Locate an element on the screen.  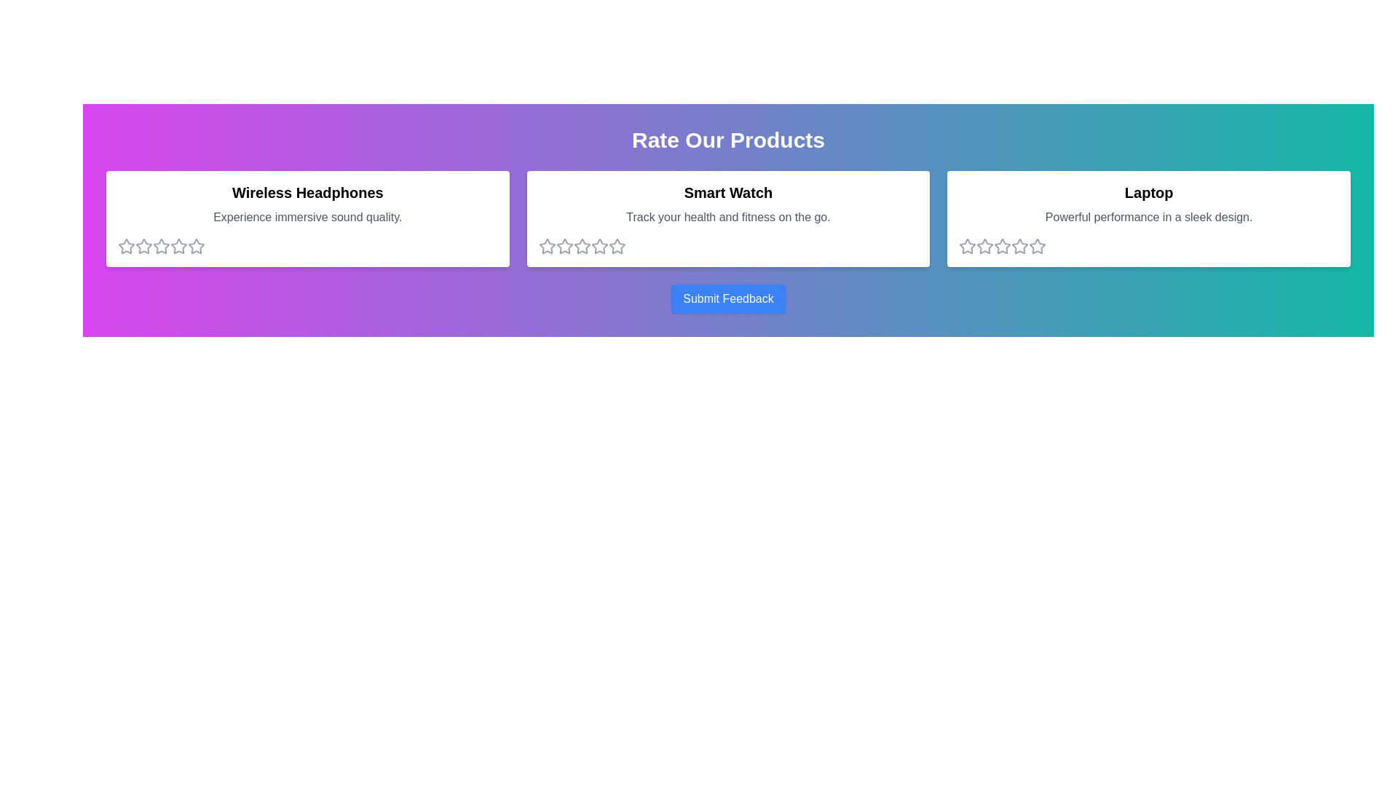
the 'Submit Feedback' button to submit the feedback is located at coordinates (728, 298).